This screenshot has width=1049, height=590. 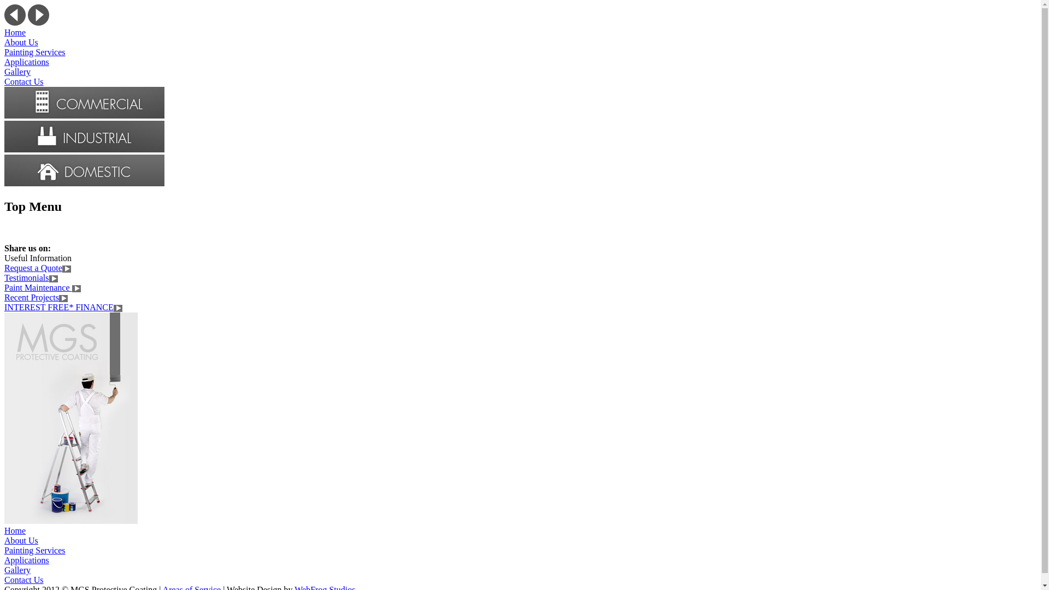 I want to click on 'Gallery', so click(x=17, y=569).